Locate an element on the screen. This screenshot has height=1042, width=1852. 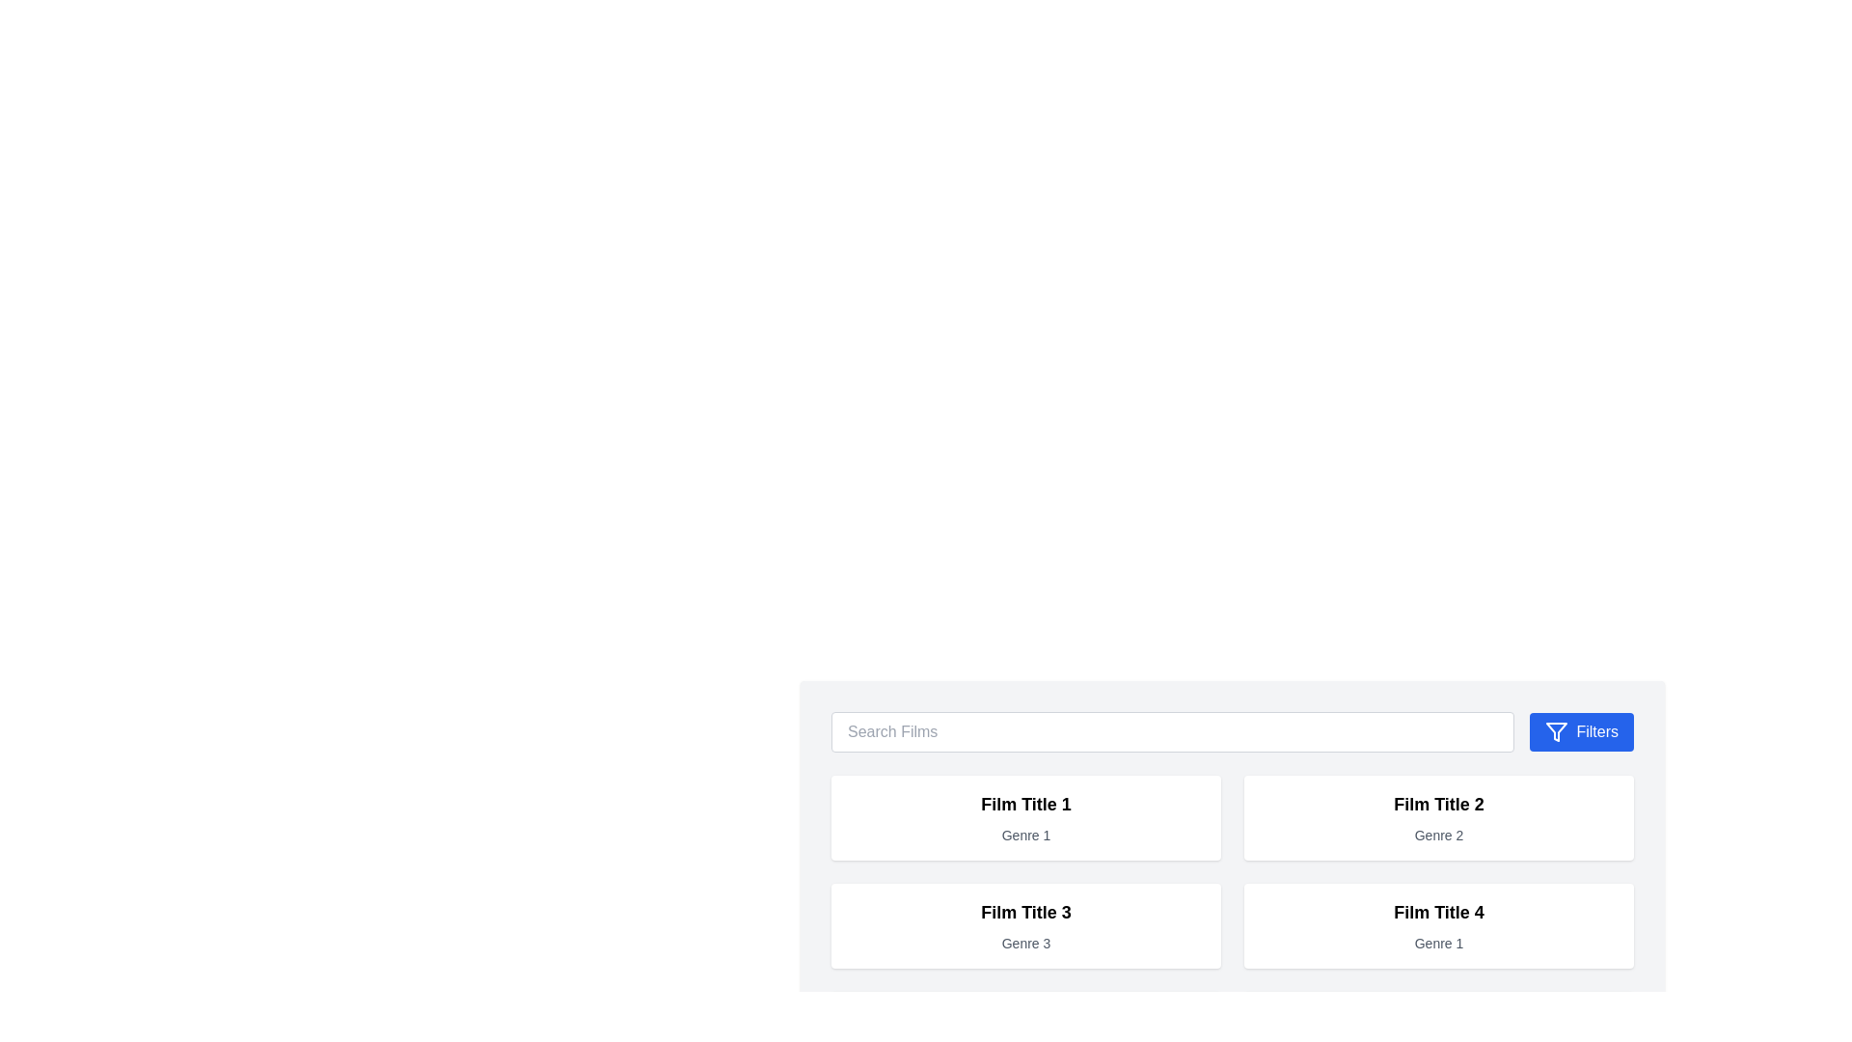
the Card element displaying 'Film Title 1' with a white background and subtle shadow effect, which is the first card in the grid layout is located at coordinates (1025, 818).